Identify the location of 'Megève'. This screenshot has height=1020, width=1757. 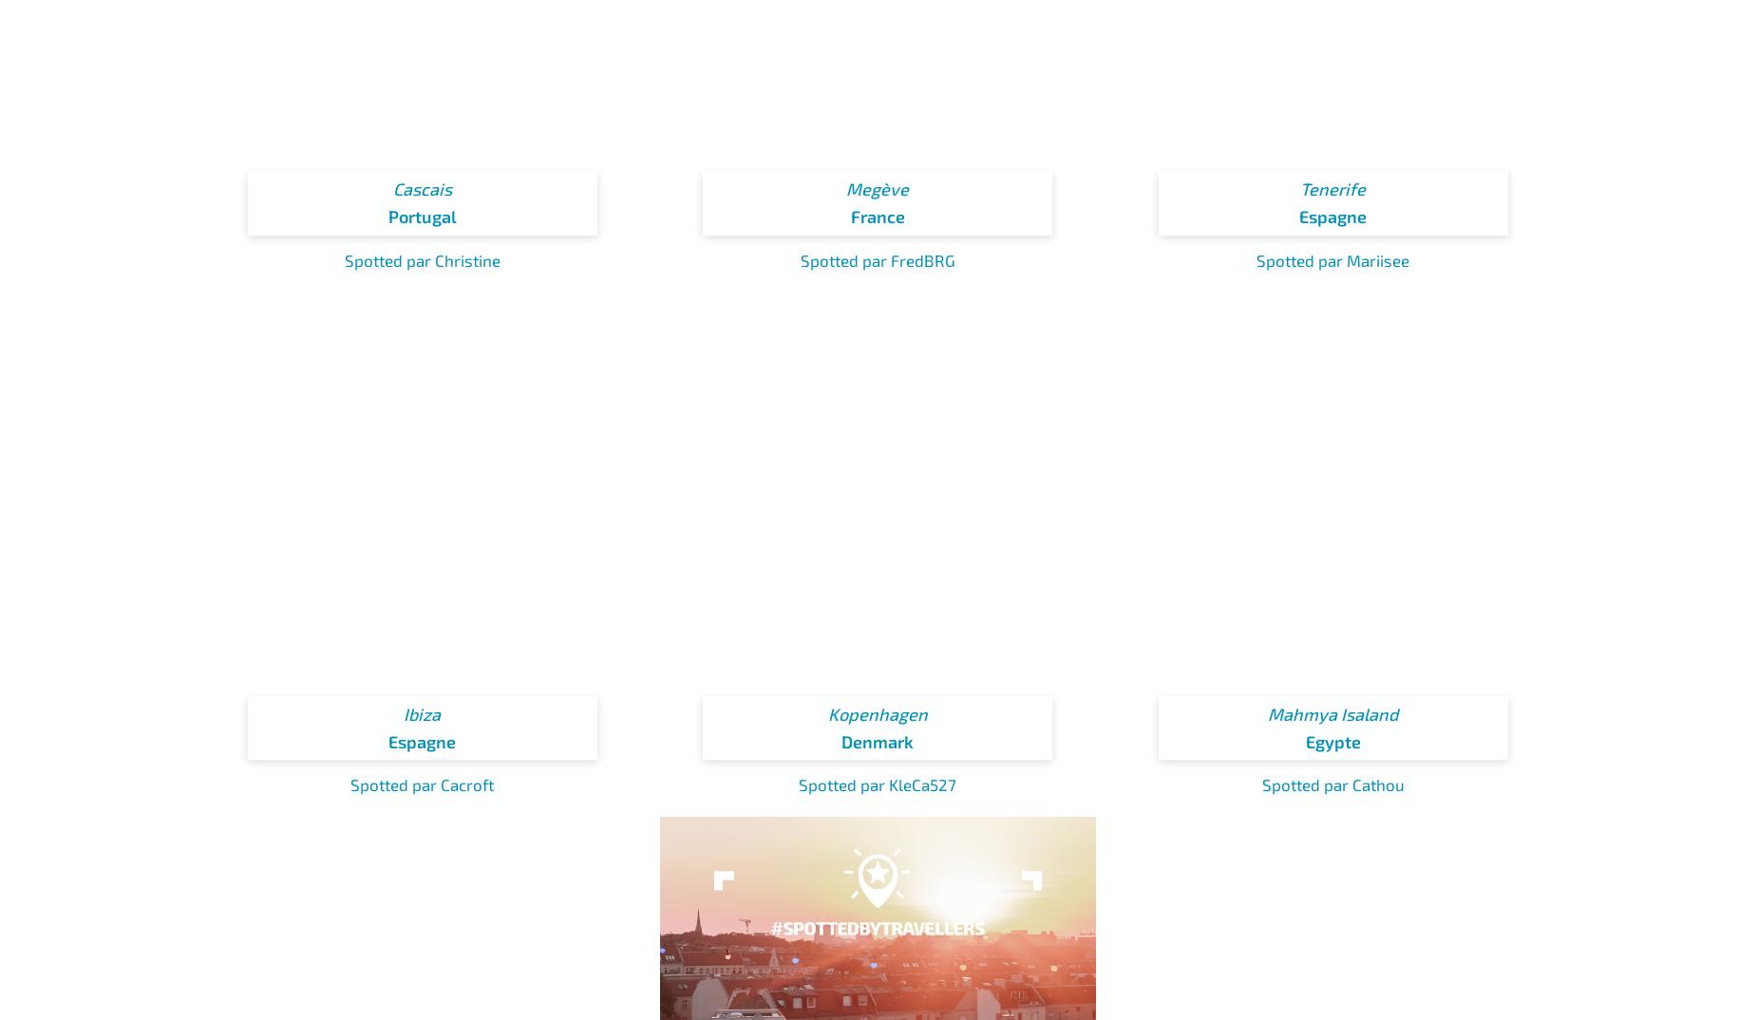
(878, 189).